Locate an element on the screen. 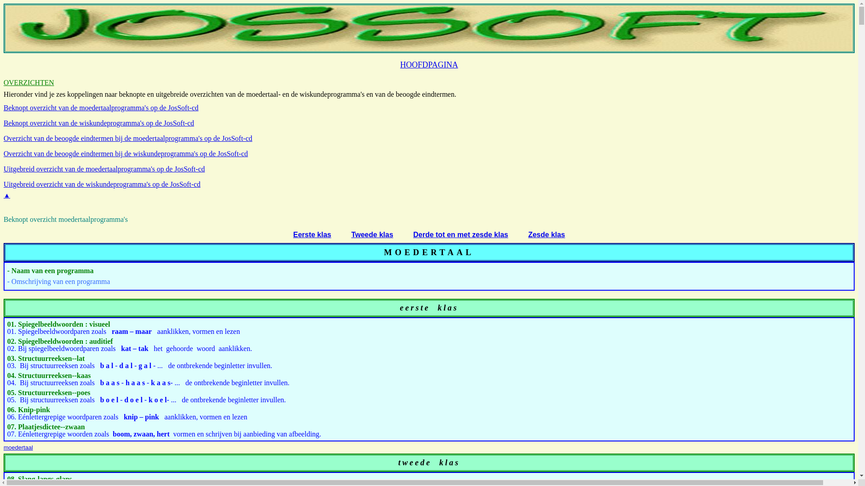 The width and height of the screenshot is (865, 486). 'eerste' is located at coordinates (400, 307).